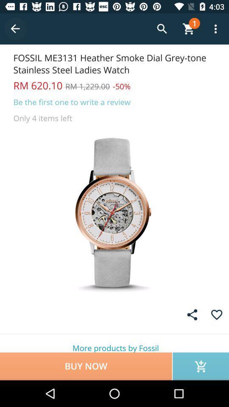 The height and width of the screenshot is (407, 229). What do you see at coordinates (114, 212) in the screenshot?
I see `the icon below only 4 items` at bounding box center [114, 212].